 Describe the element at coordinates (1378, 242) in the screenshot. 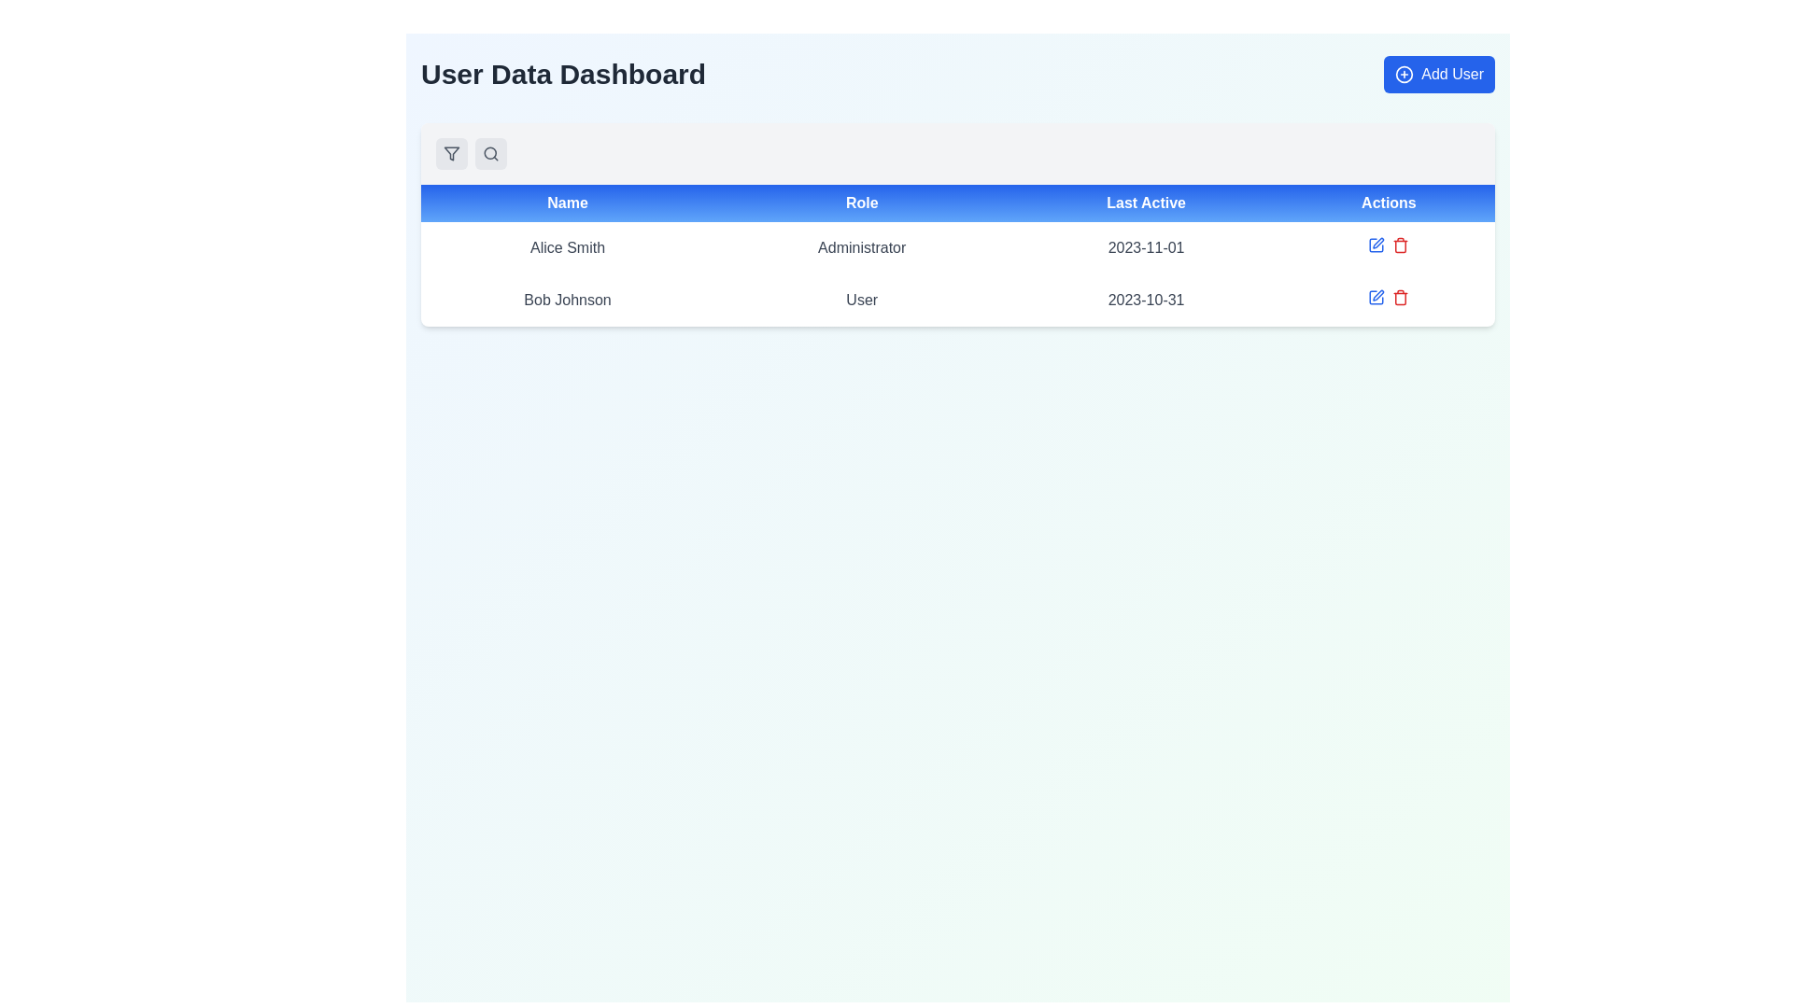

I see `the edit icon button located in the 'Actions' column aligned with the row containing the user 'Alice Smith'` at that location.